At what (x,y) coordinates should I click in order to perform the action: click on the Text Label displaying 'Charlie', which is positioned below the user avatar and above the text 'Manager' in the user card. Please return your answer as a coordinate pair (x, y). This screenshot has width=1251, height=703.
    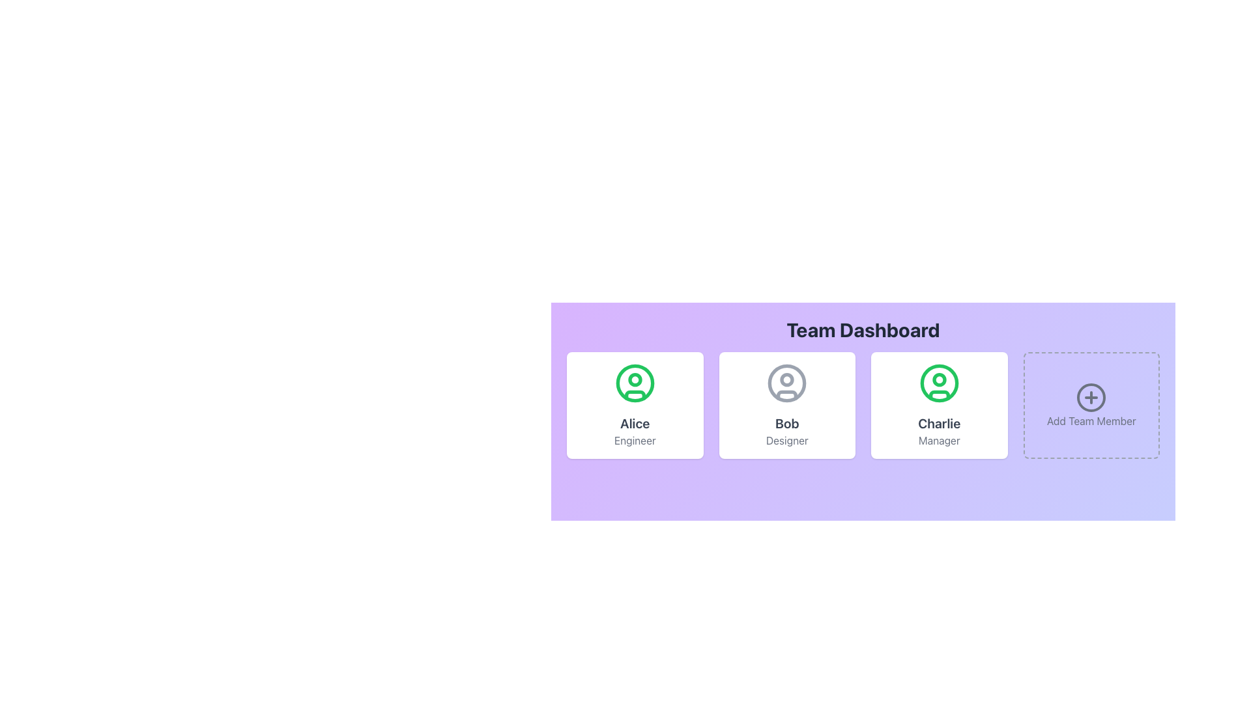
    Looking at the image, I should click on (939, 424).